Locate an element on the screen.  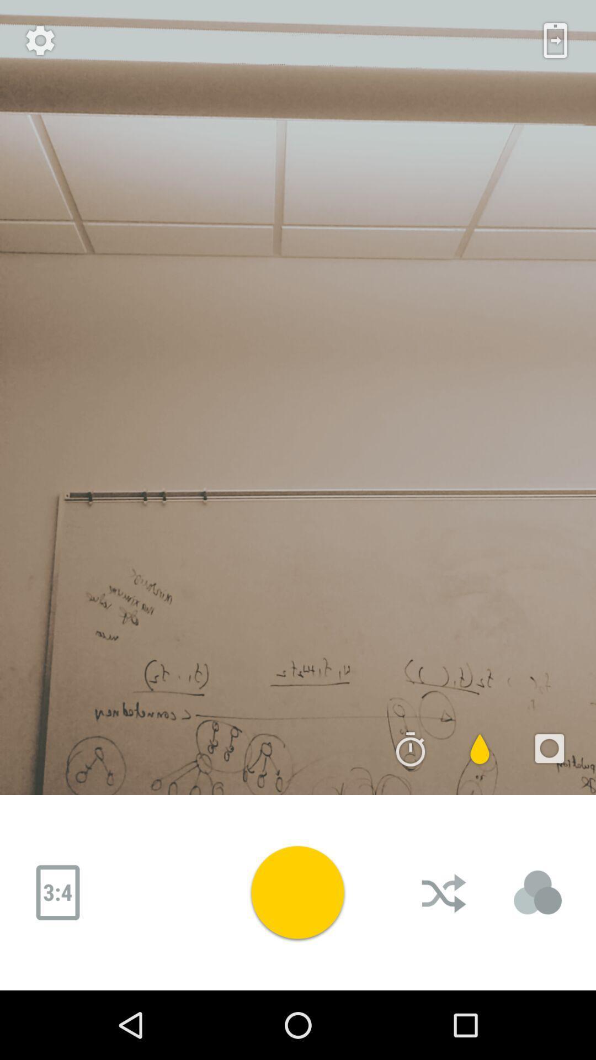
change colors is located at coordinates (538, 893).